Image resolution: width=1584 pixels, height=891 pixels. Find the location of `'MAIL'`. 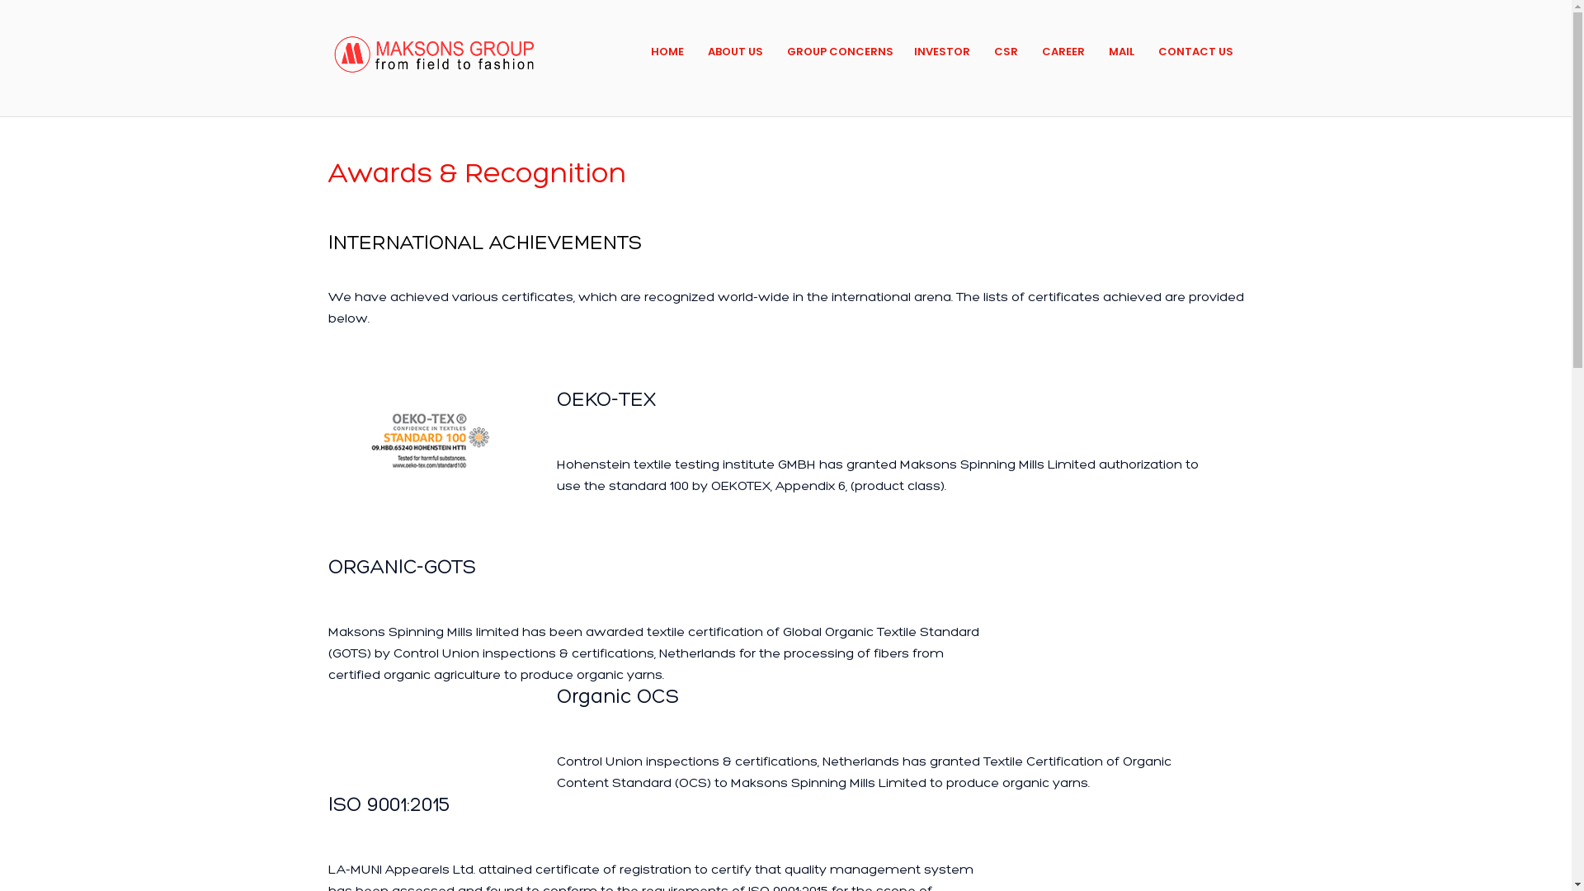

'MAIL' is located at coordinates (1121, 50).